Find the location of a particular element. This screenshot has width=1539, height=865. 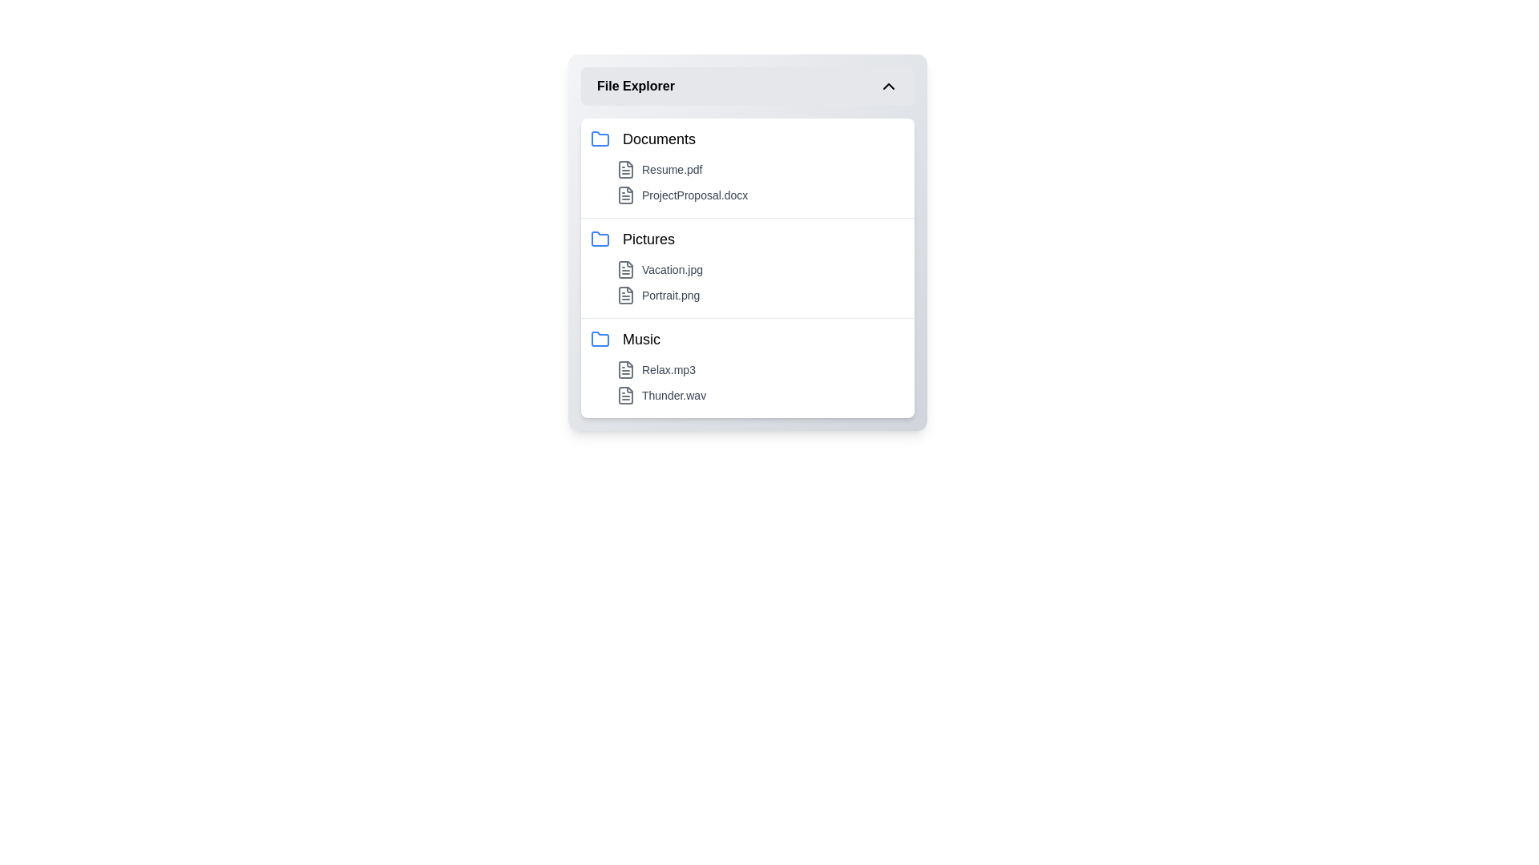

the File Explorer toggle button to expand or collapse the menu is located at coordinates (746, 86).